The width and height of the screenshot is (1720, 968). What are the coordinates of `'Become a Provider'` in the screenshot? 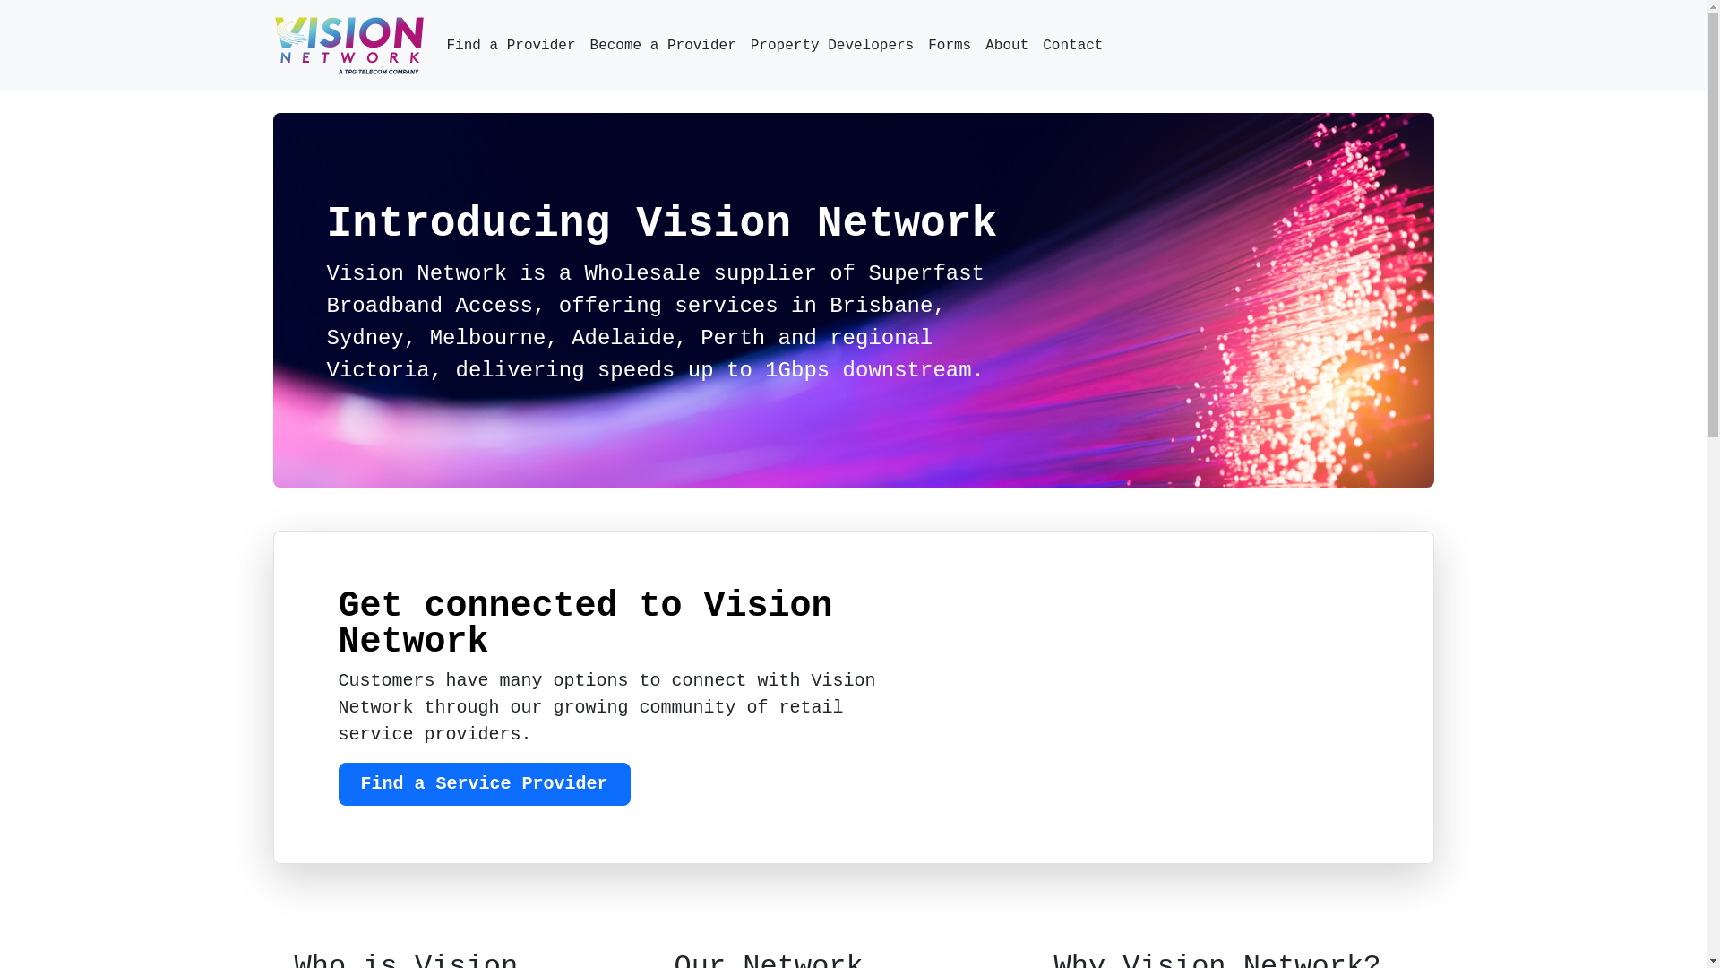 It's located at (662, 44).